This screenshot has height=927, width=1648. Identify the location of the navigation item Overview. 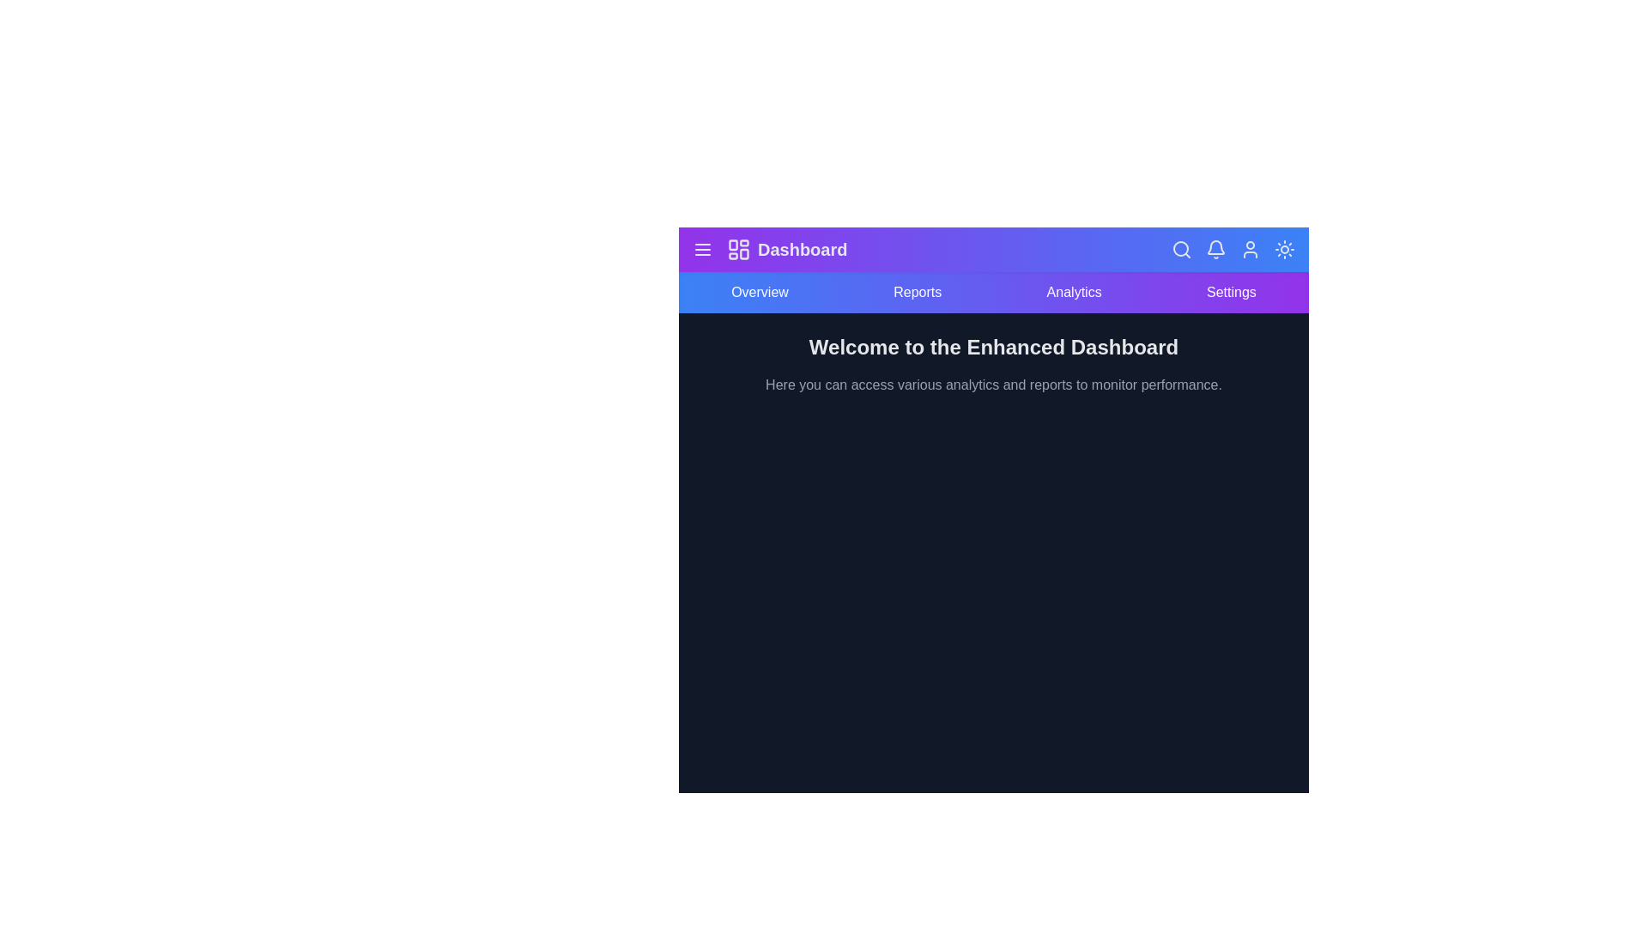
(759, 291).